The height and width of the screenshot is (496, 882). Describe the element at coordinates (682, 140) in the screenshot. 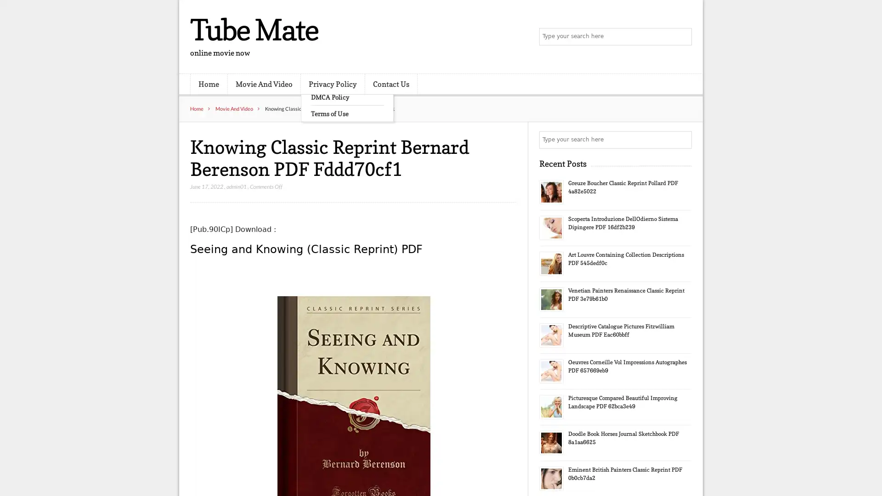

I see `Search` at that location.